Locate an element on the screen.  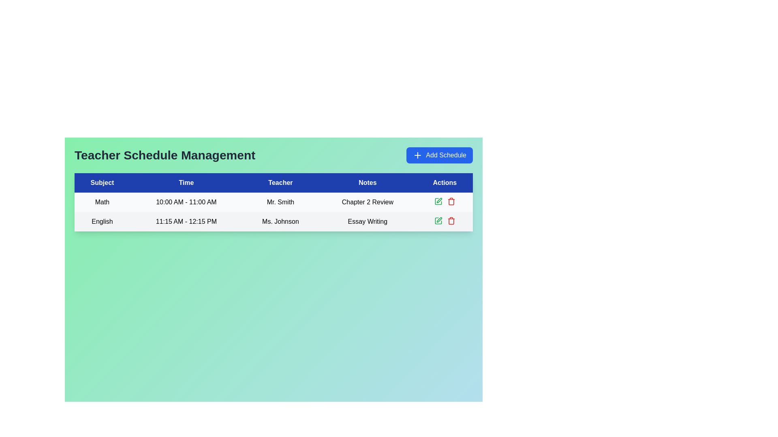
the first column header of the schedule management table, which indicates the subject names for scheduled classes is located at coordinates (102, 182).